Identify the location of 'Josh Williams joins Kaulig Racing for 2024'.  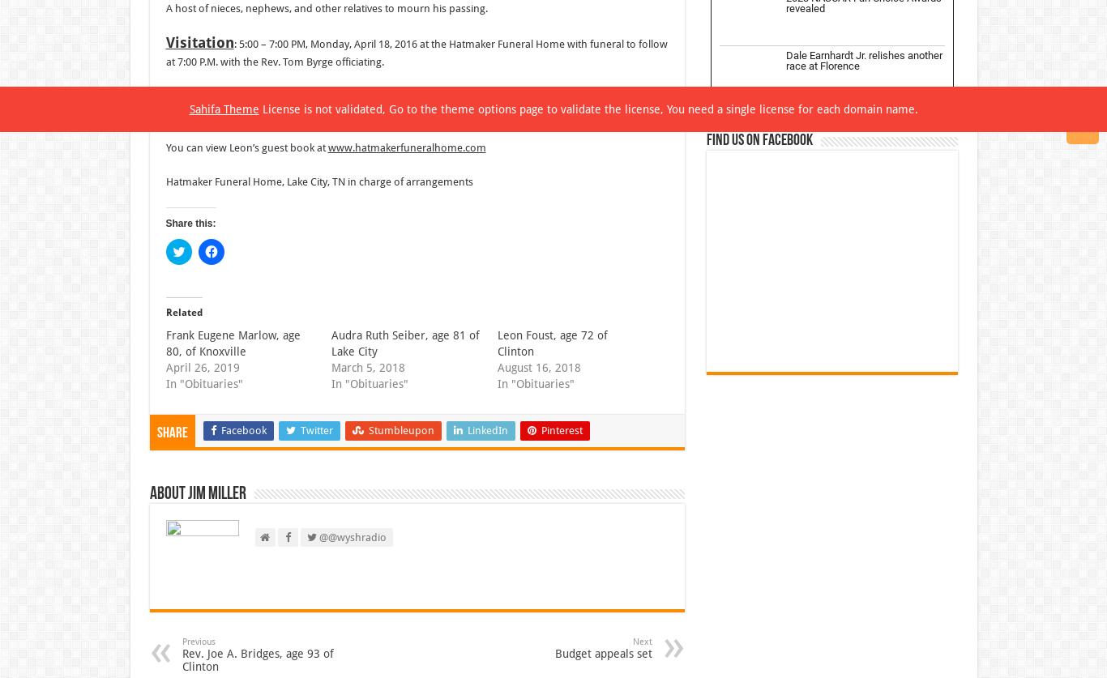
(861, 175).